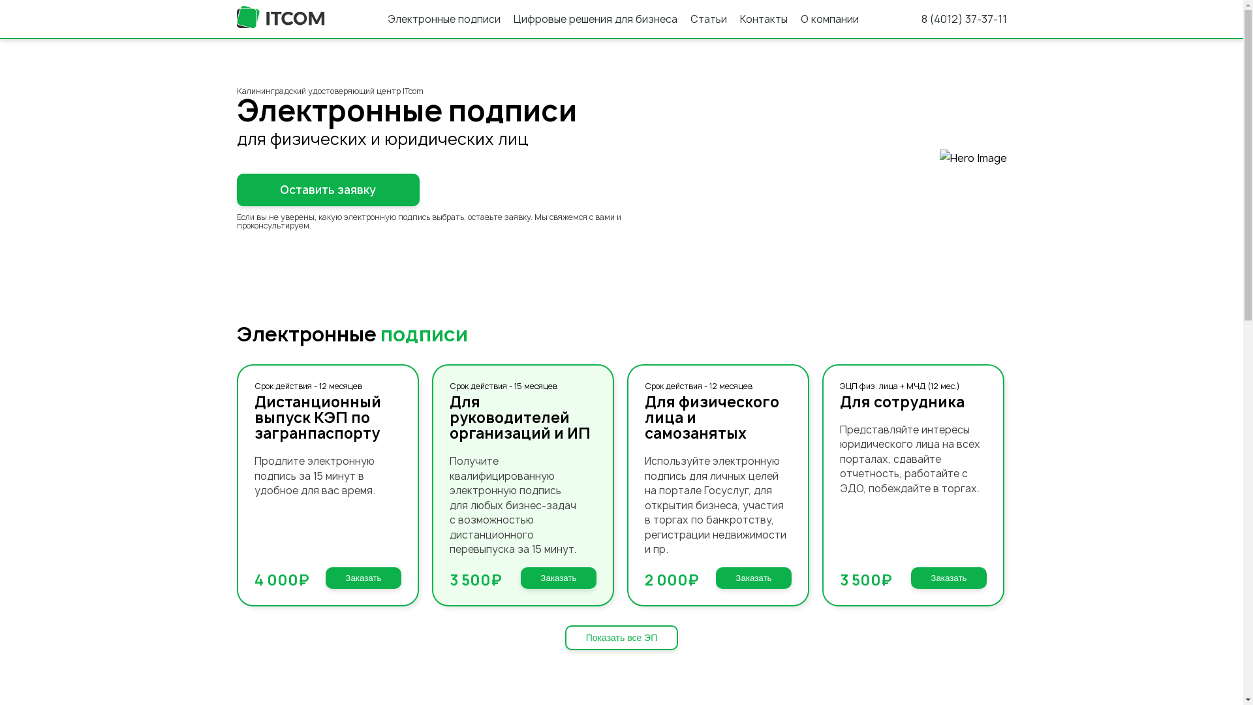  Describe the element at coordinates (964, 19) in the screenshot. I see `'8 (4012) 37-37-11'` at that location.